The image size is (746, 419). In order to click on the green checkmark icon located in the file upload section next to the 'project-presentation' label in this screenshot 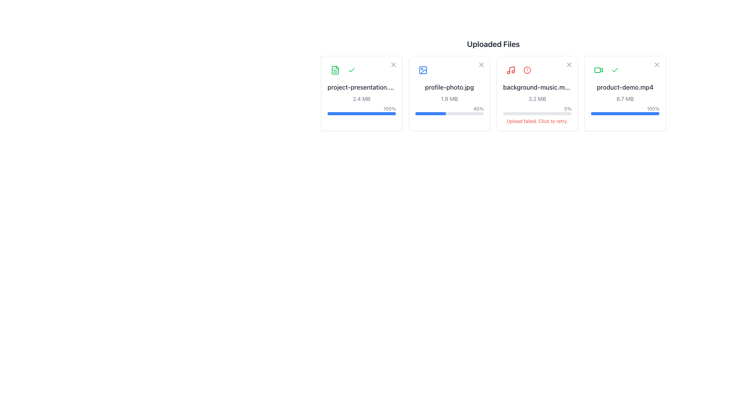, I will do `click(351, 70)`.